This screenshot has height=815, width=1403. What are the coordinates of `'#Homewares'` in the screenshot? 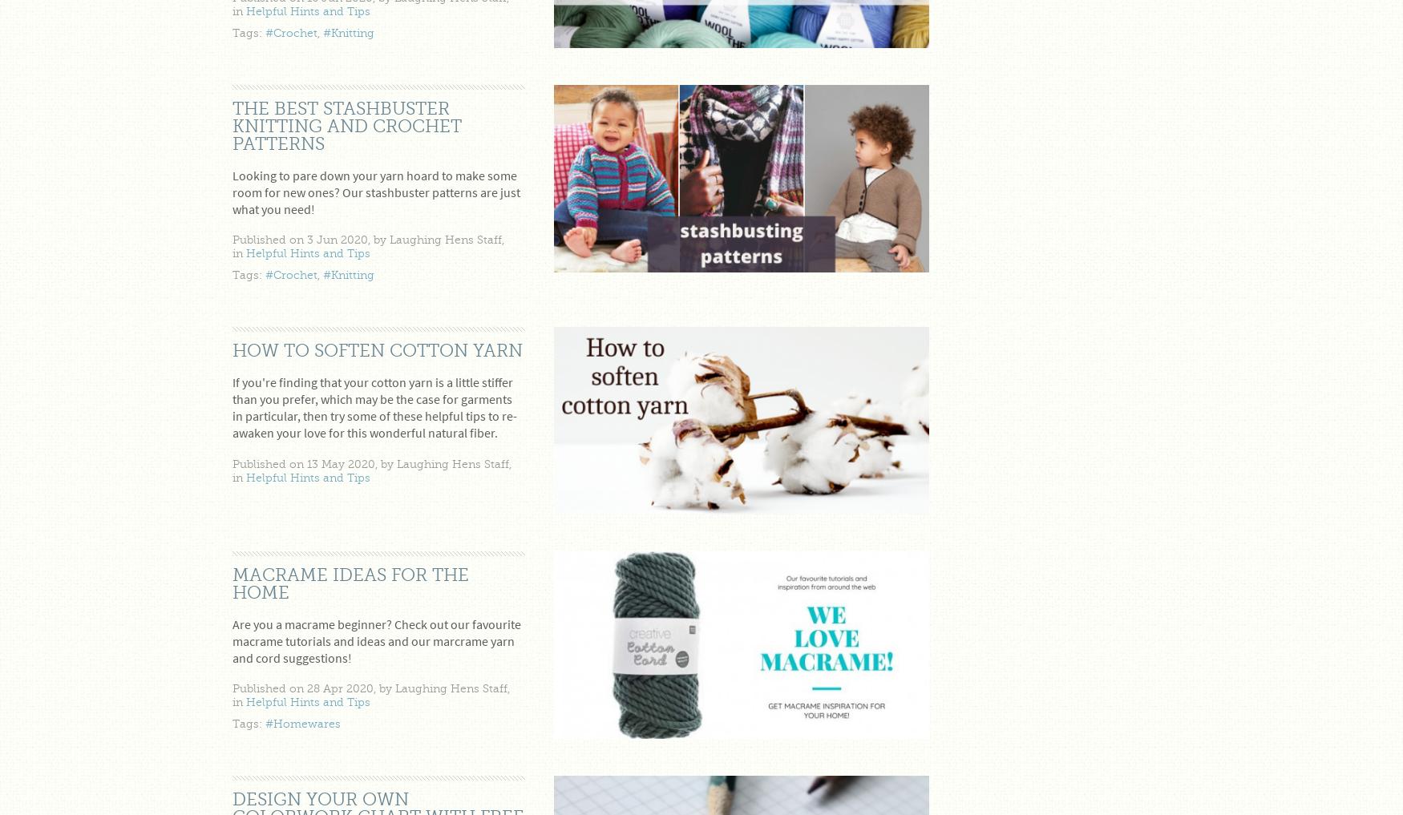 It's located at (265, 724).